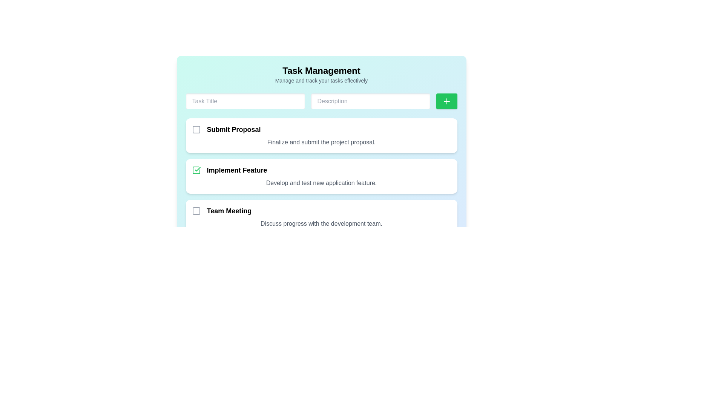  Describe the element at coordinates (229, 211) in the screenshot. I see `the 'Team Meeting' text label, which serves as the title of a task item in the task management interface` at that location.